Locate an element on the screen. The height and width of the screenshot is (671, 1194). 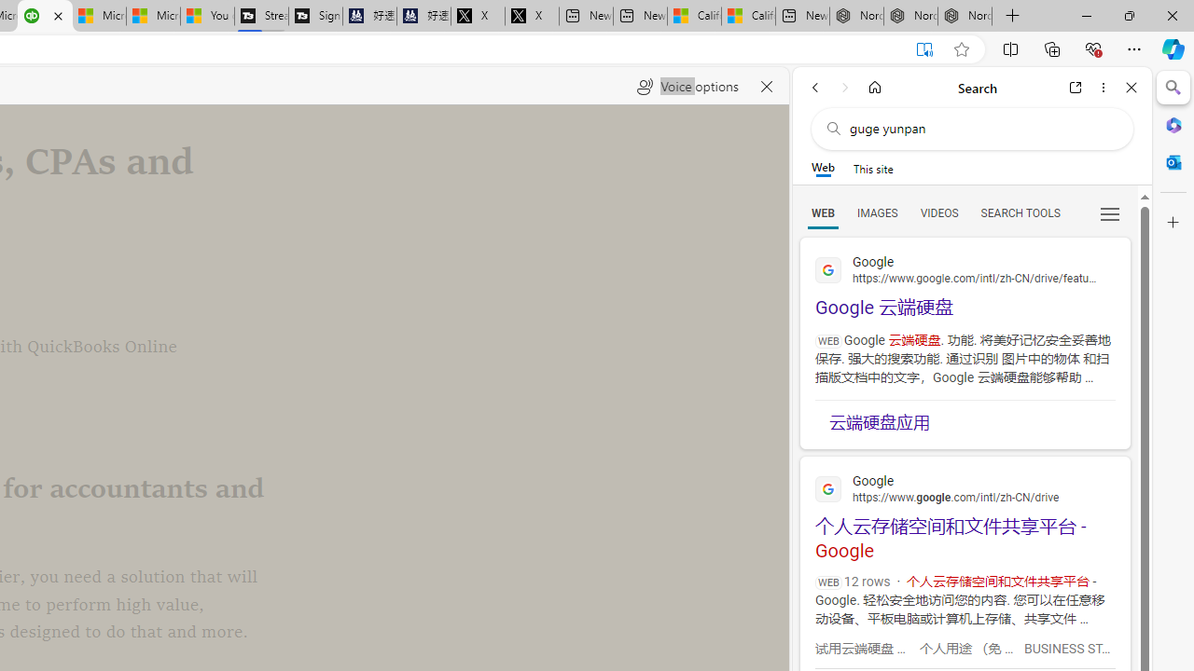
'Customize' is located at coordinates (1173, 222).